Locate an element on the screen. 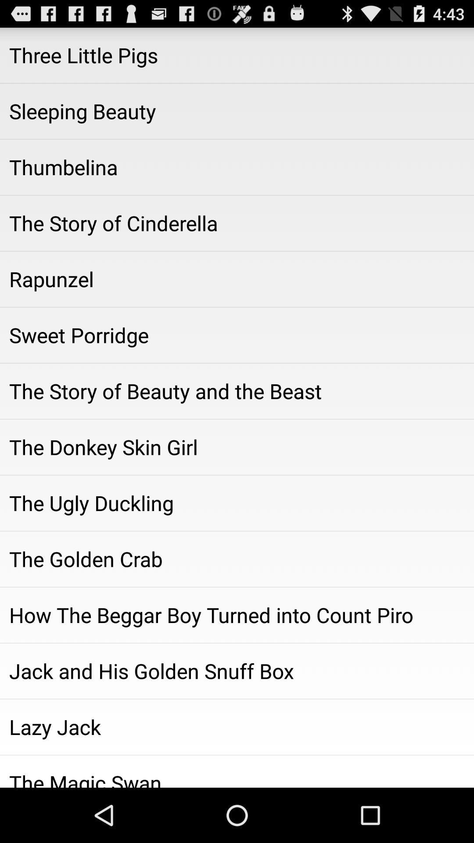  icon above the sleeping beauty is located at coordinates (237, 54).